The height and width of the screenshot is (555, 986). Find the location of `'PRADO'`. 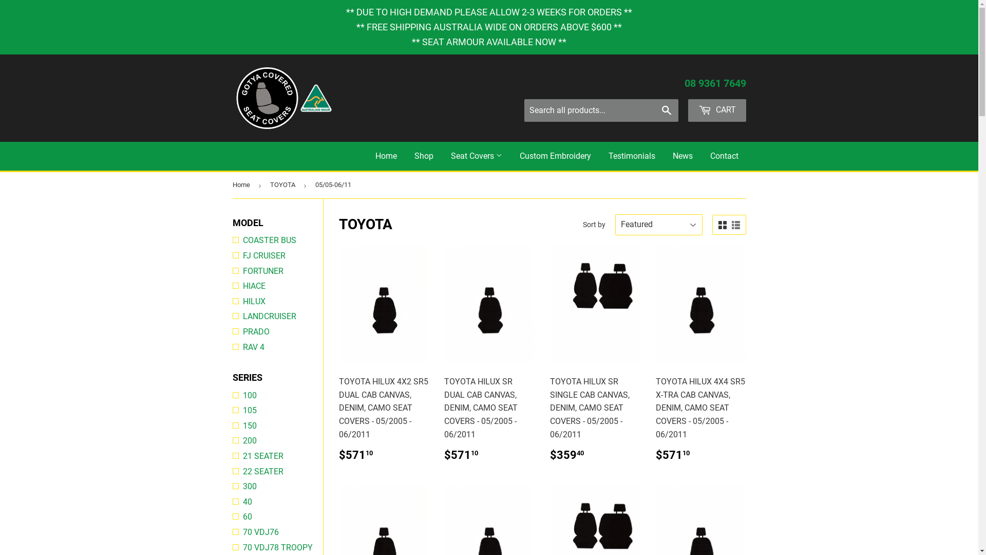

'PRADO' is located at coordinates (277, 331).